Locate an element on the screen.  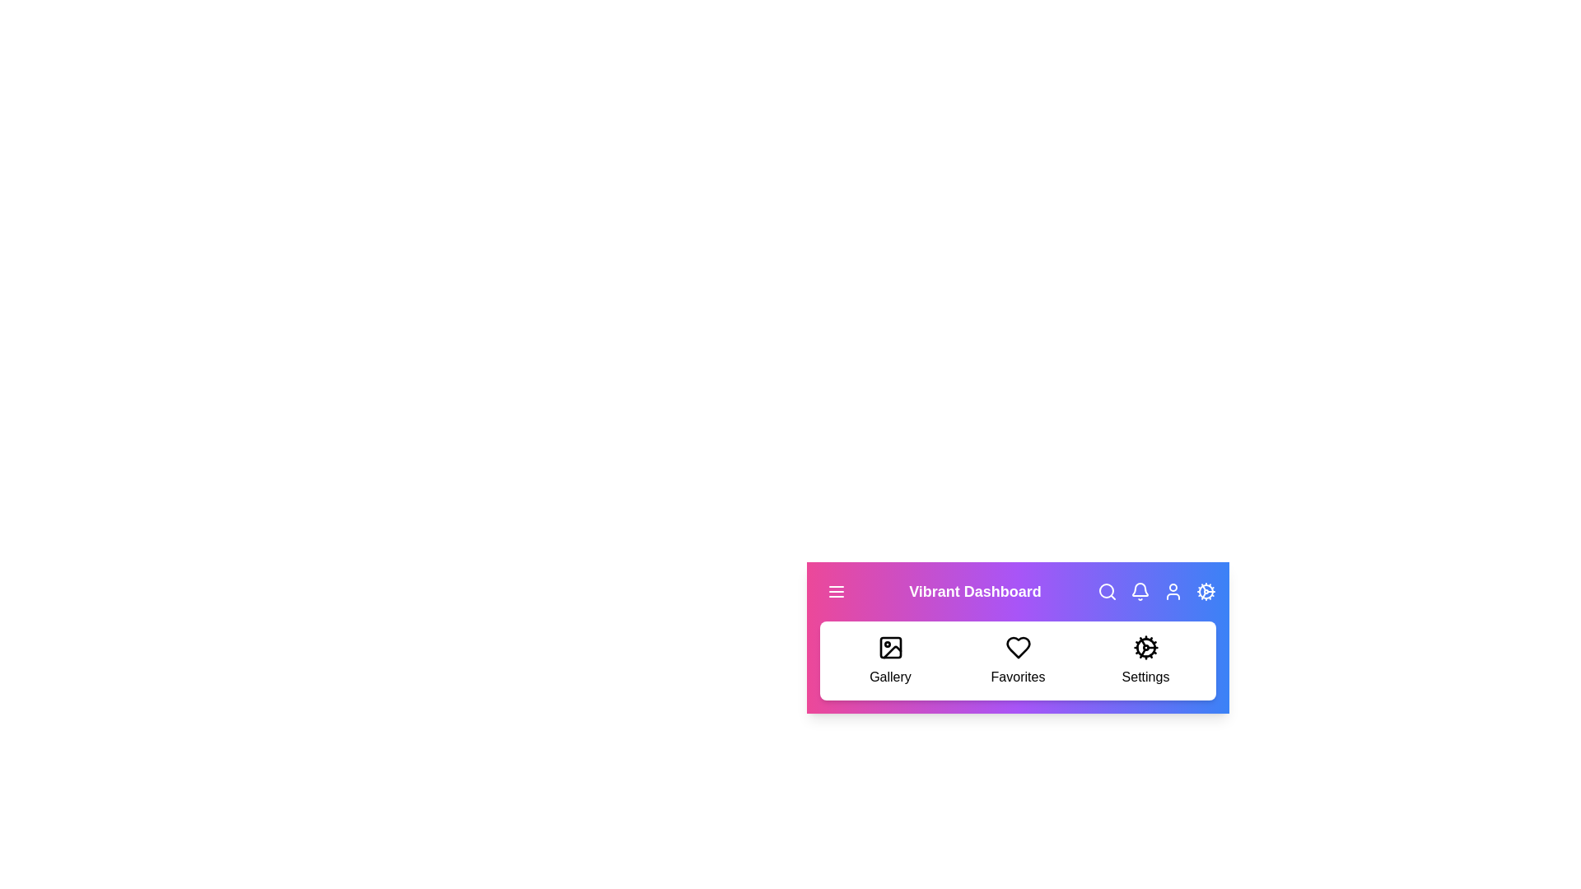
the search button to initiate a search is located at coordinates (1107, 590).